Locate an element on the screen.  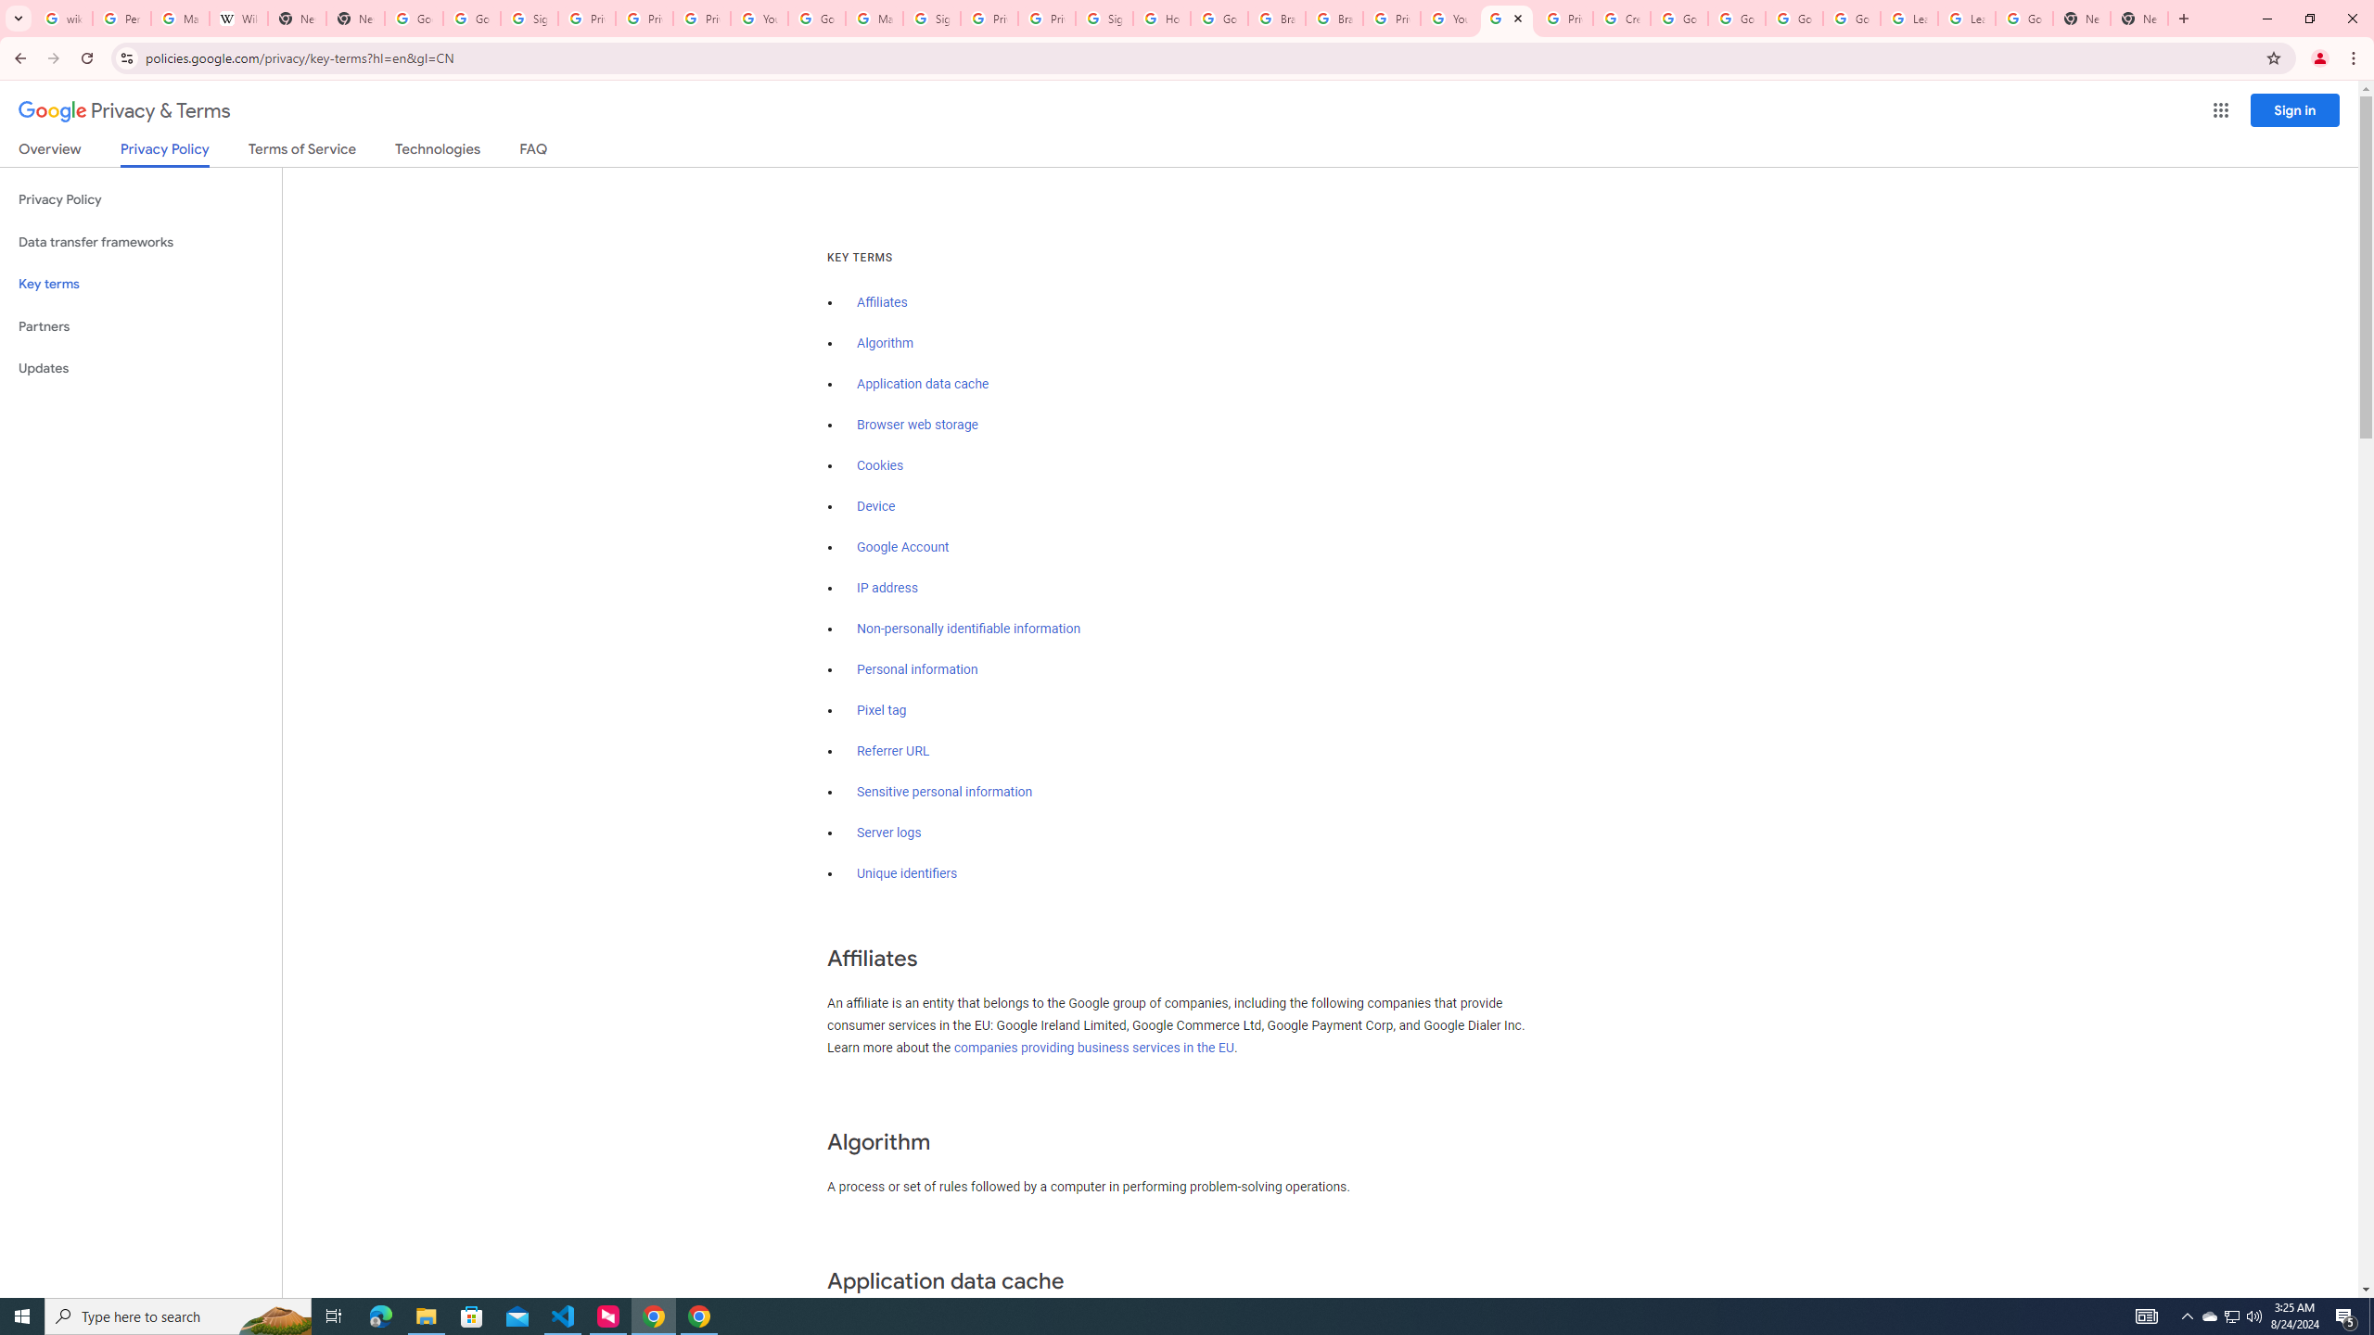
'Browser web storage' is located at coordinates (916, 424).